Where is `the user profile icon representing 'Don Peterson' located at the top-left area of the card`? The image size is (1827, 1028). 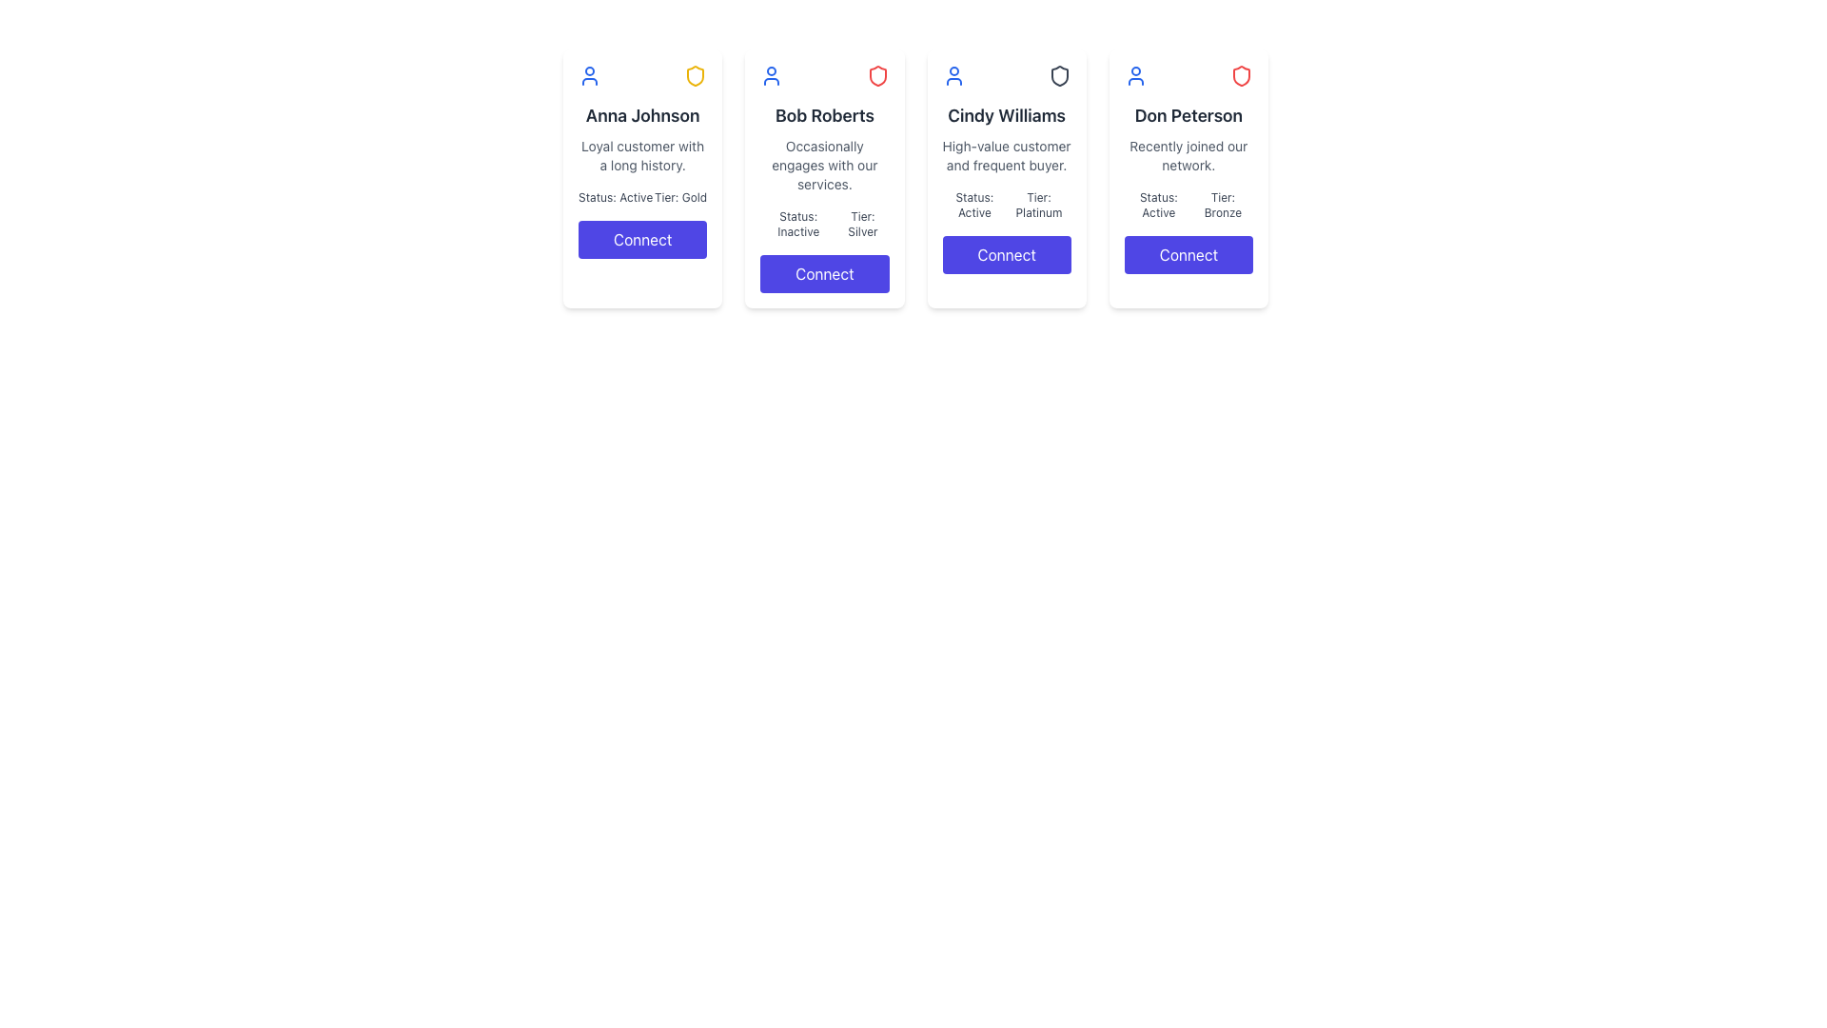 the user profile icon representing 'Don Peterson' located at the top-left area of the card is located at coordinates (1135, 75).